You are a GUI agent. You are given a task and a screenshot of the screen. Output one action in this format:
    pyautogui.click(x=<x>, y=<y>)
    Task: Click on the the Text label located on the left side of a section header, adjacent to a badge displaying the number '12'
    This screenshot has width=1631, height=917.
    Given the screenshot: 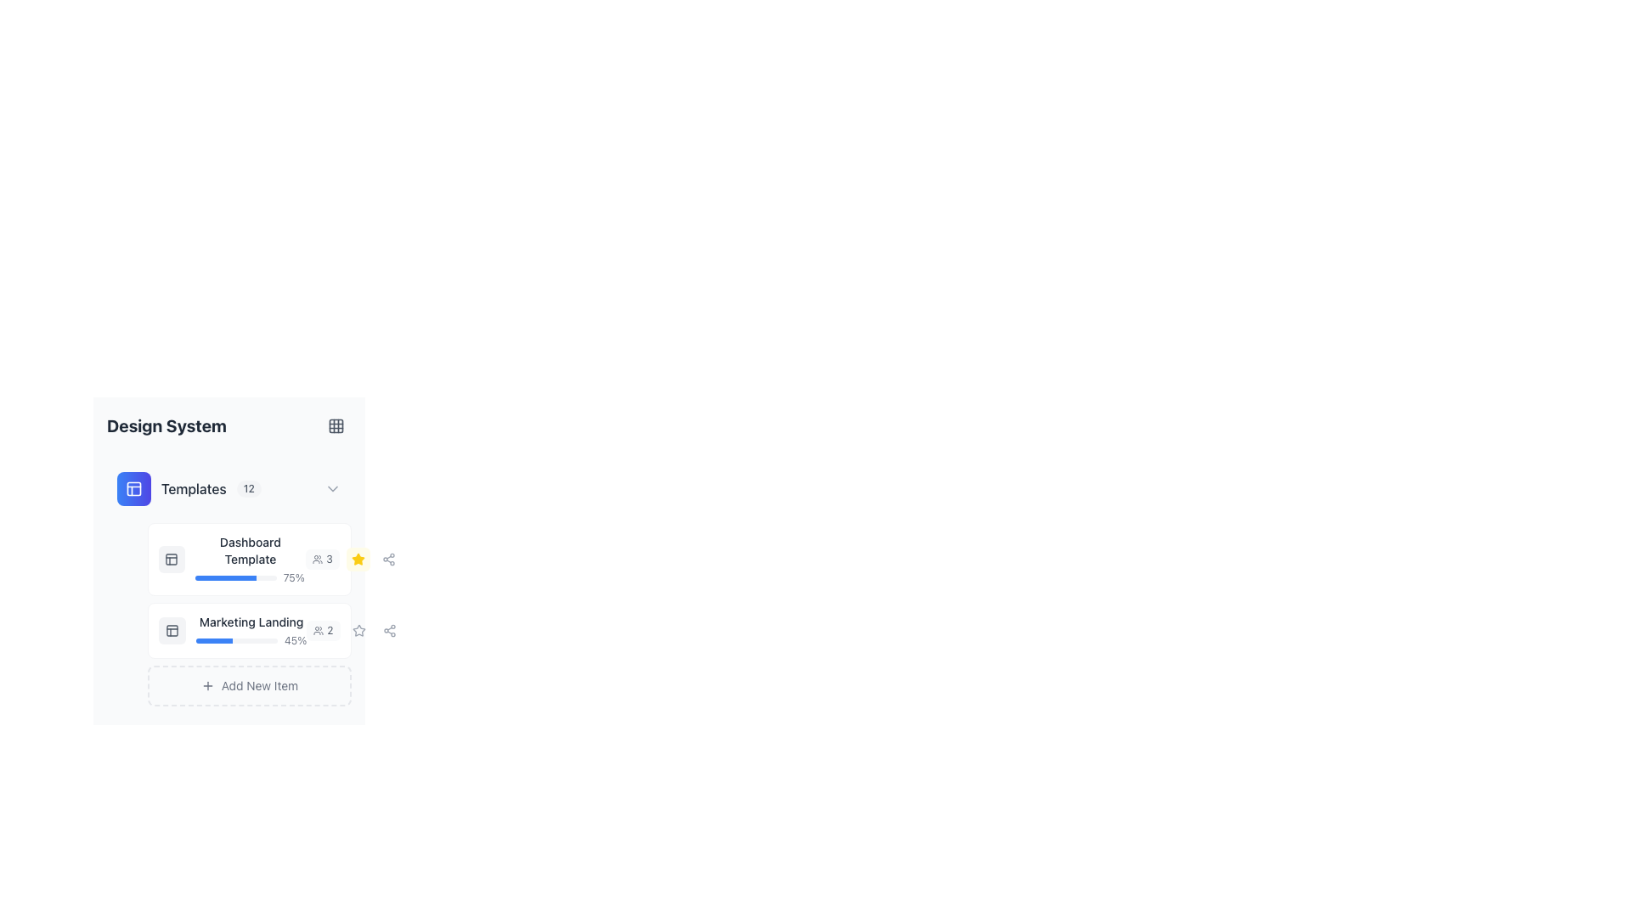 What is the action you would take?
    pyautogui.click(x=194, y=488)
    